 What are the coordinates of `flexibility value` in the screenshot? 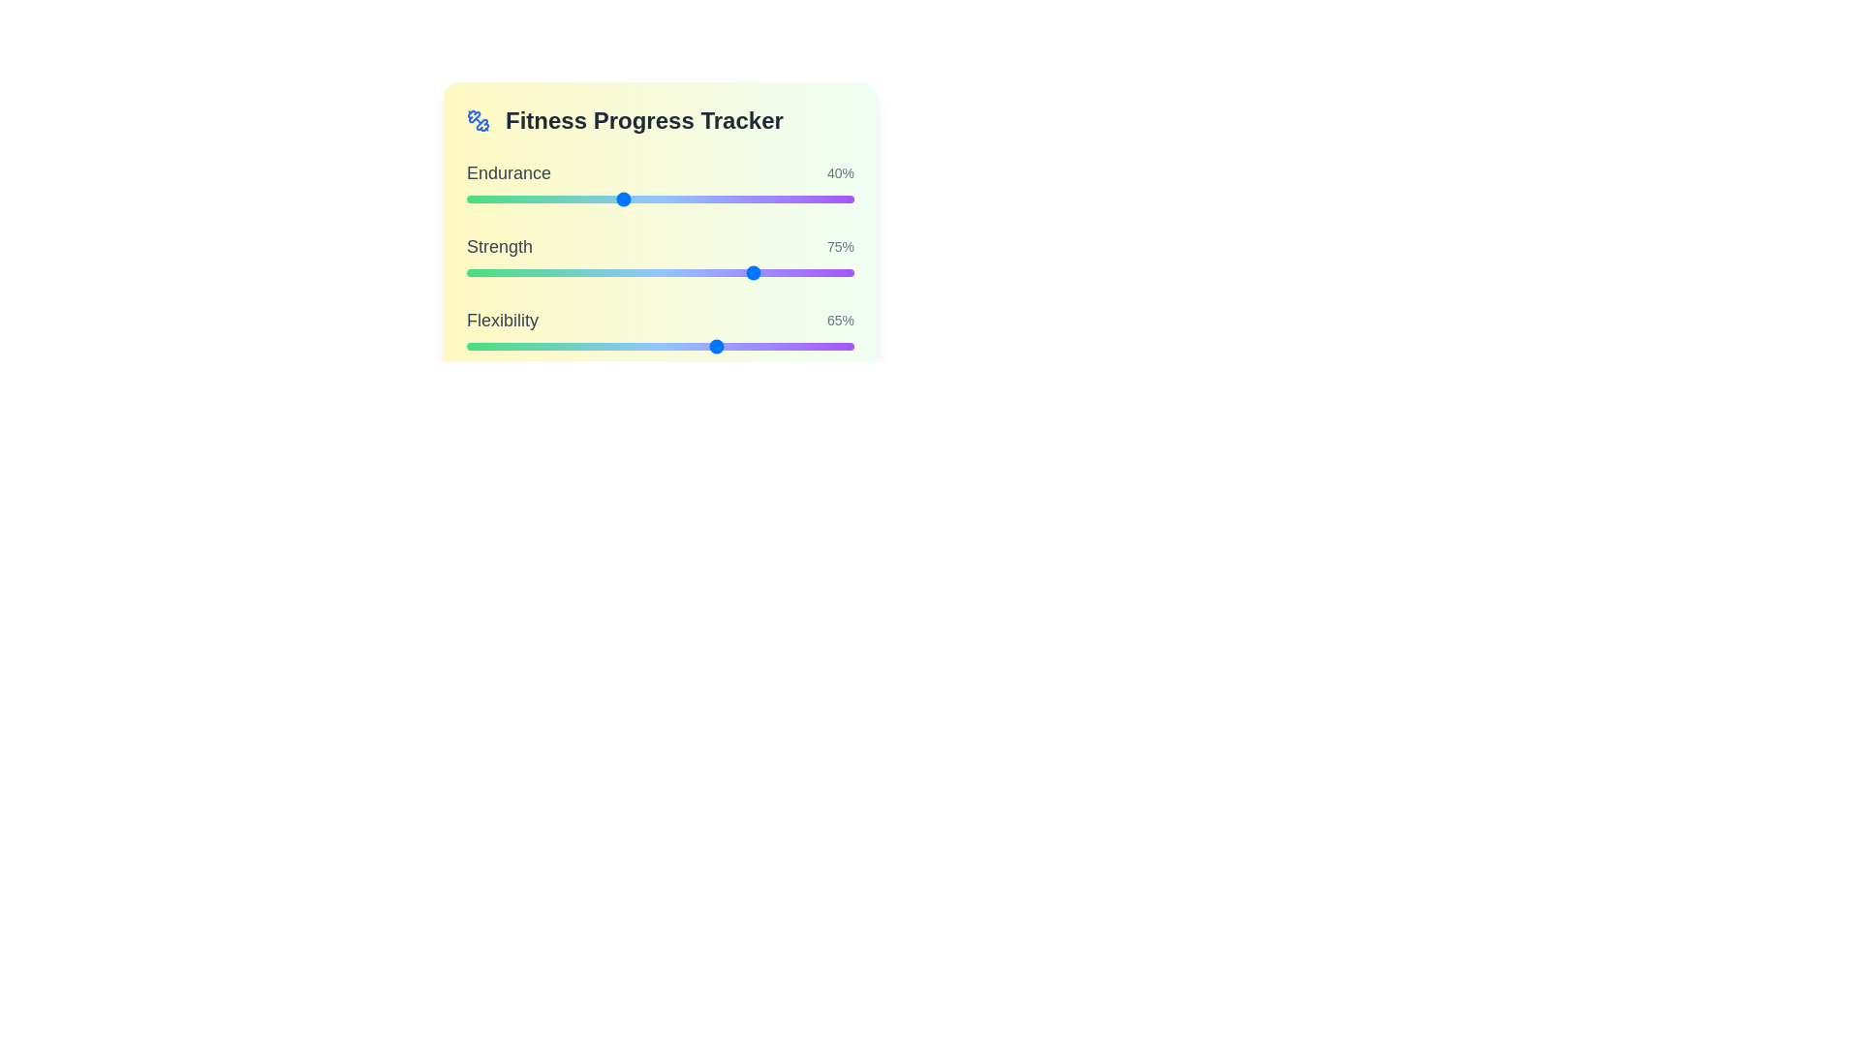 It's located at (652, 346).